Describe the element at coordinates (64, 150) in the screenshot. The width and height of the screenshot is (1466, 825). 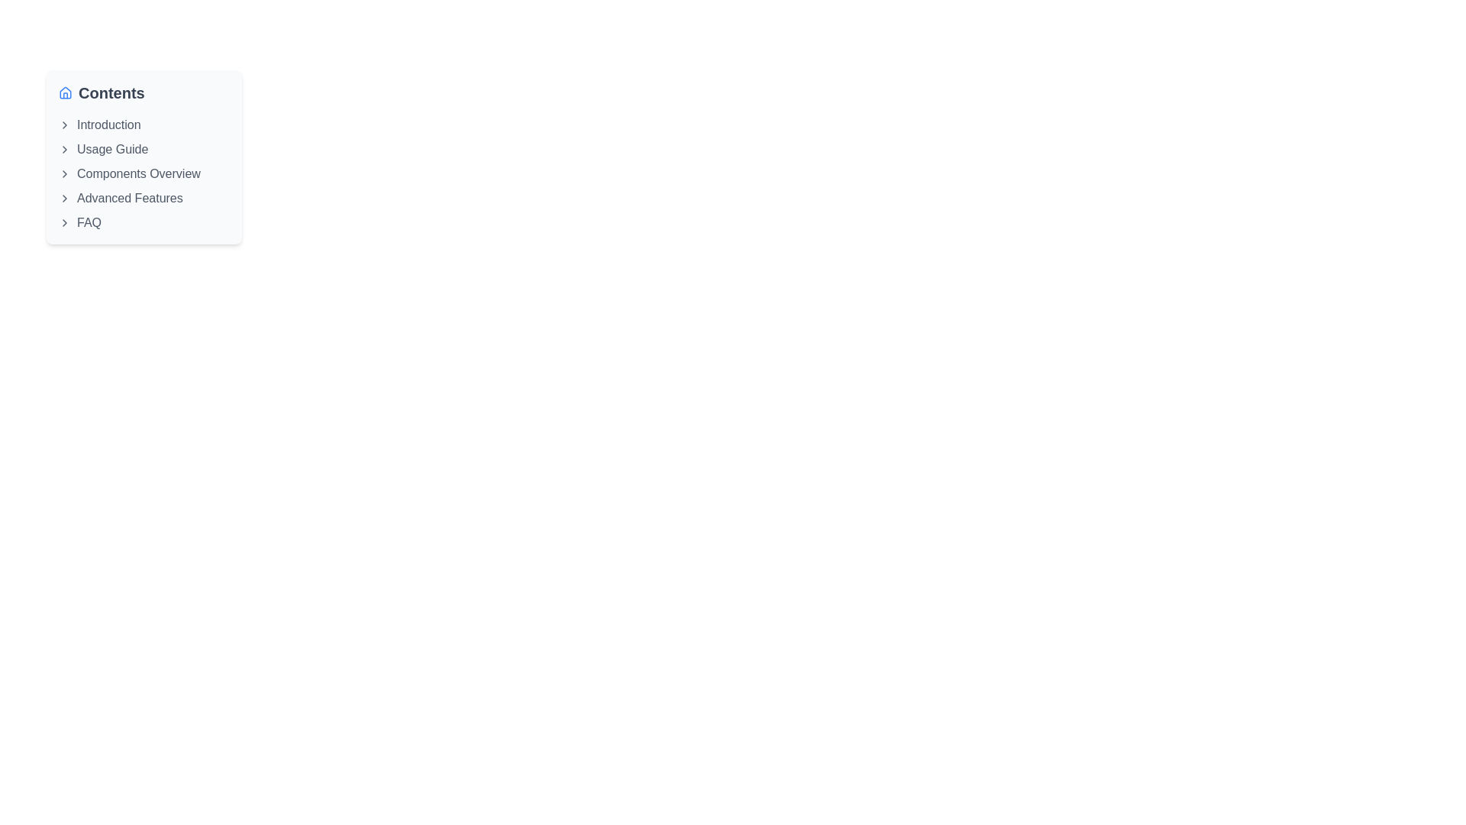
I see `the chevron icon located to the left of the 'Usage Guide' text in the sidebar menu titled 'Contents'` at that location.